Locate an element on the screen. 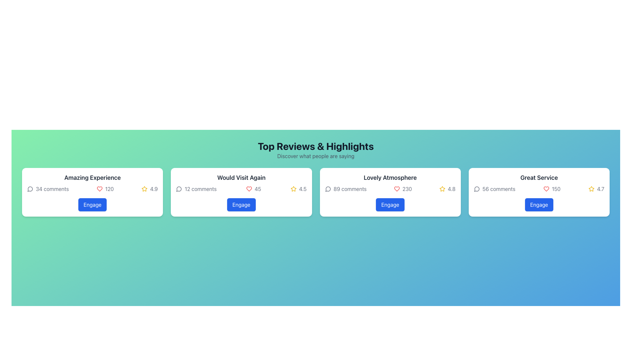  the button located at the bottom-center of the 'Amazing Experience' card is located at coordinates (92, 204).